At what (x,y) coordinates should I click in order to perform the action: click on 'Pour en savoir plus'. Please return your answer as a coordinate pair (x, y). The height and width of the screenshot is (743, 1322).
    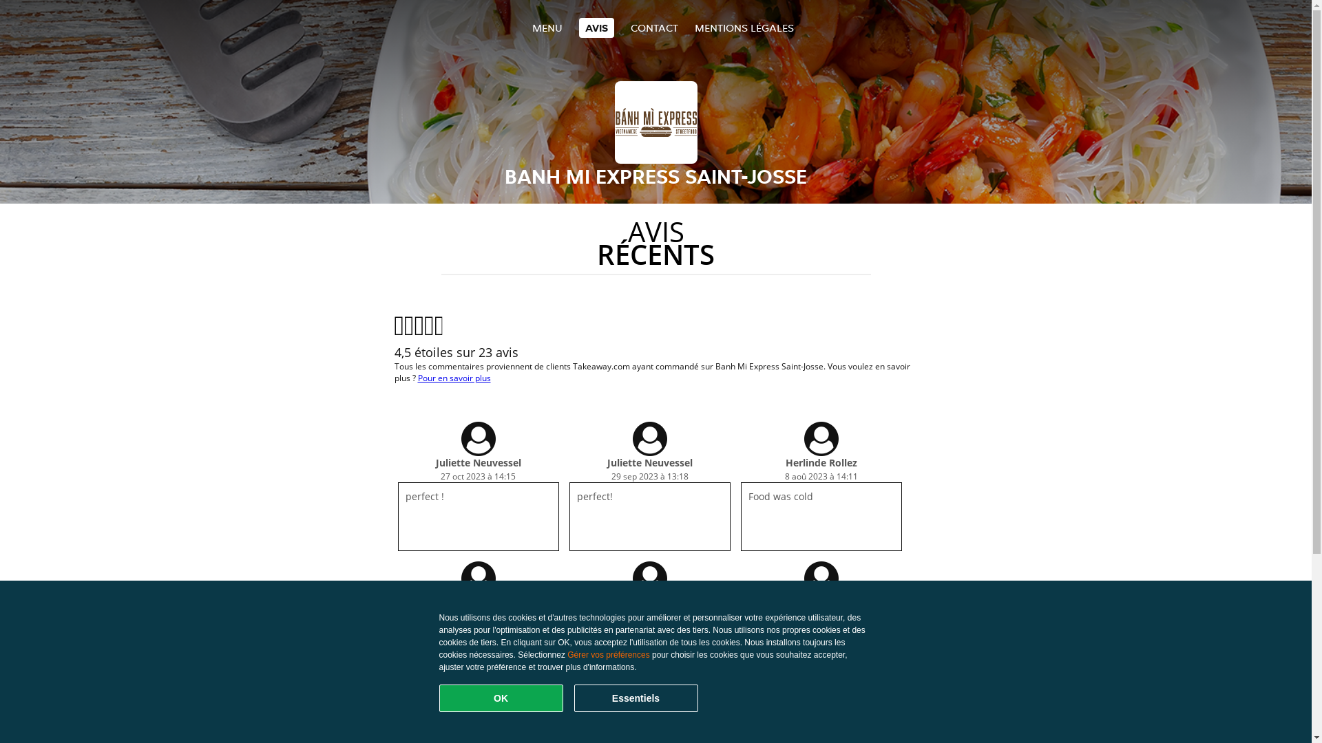
    Looking at the image, I should click on (453, 378).